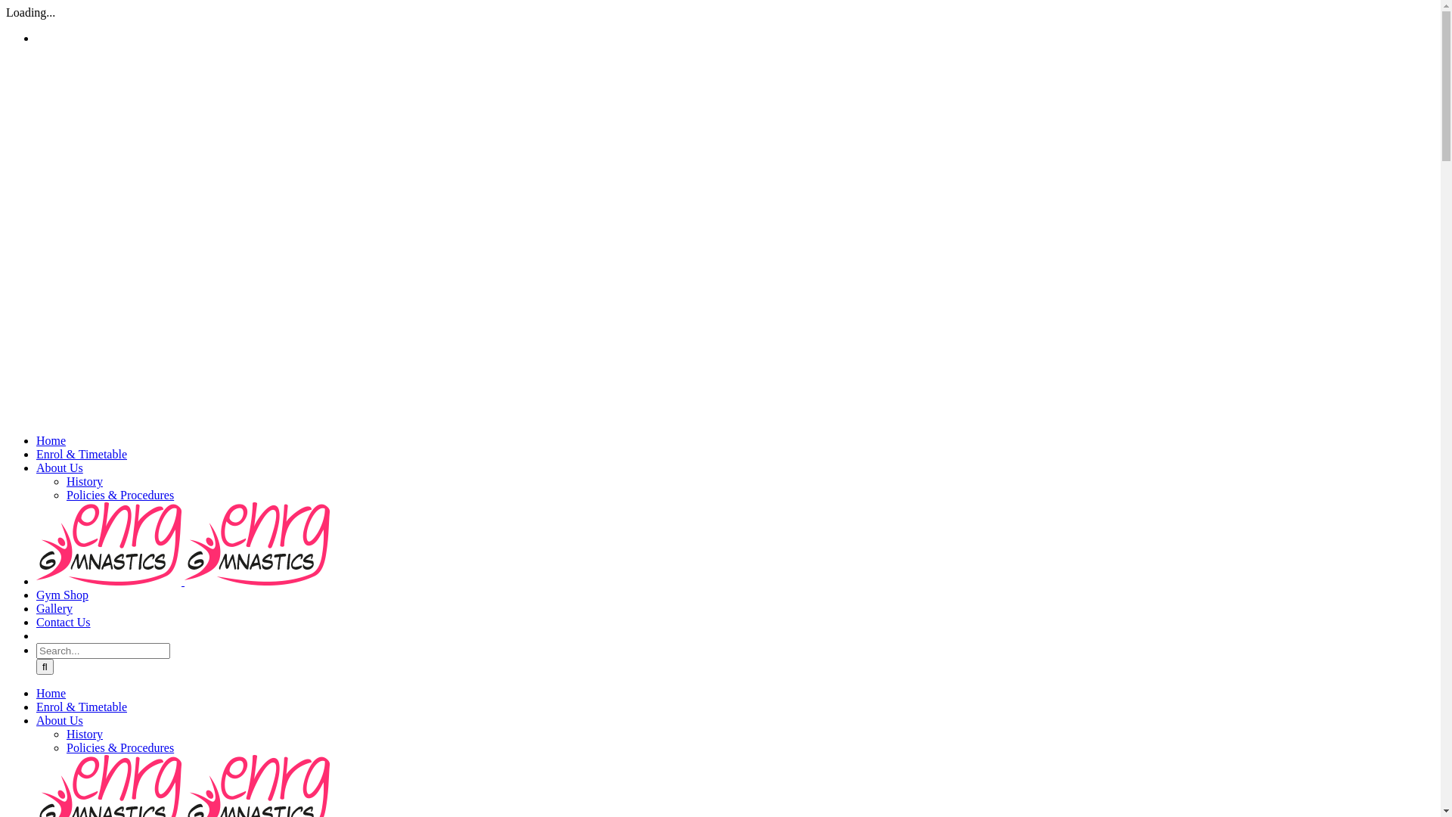 The width and height of the screenshot is (1452, 817). Describe the element at coordinates (59, 719) in the screenshot. I see `'About Us'` at that location.